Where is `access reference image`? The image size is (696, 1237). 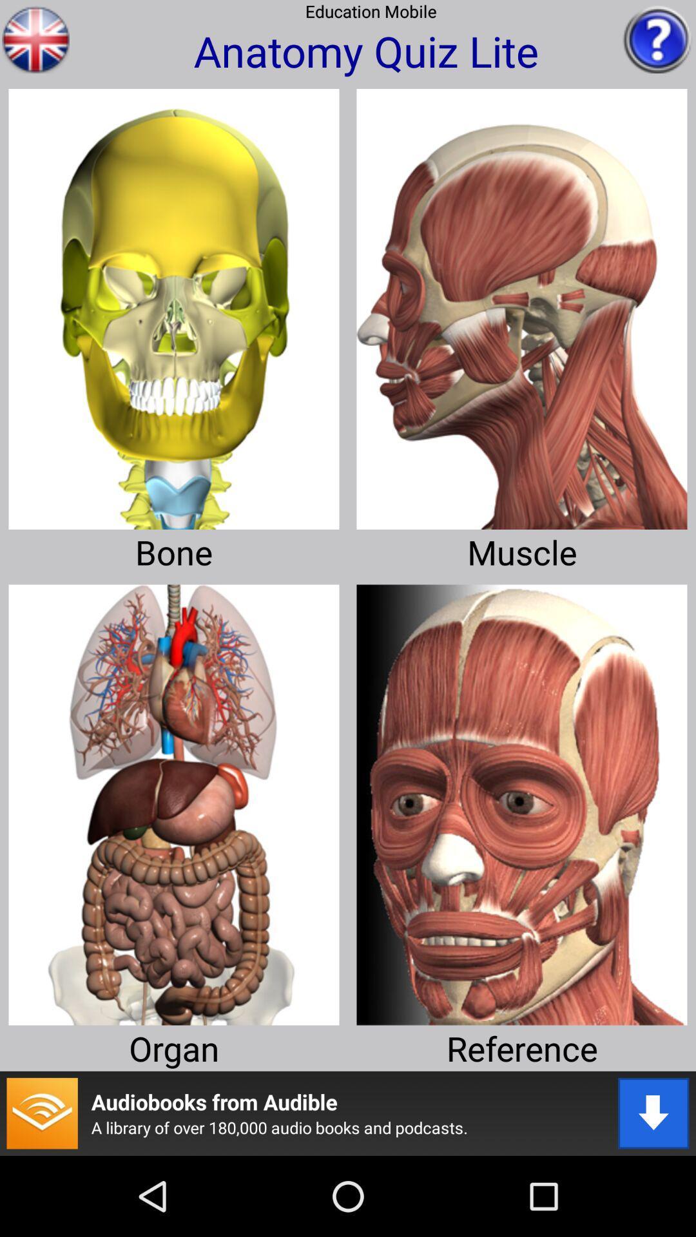 access reference image is located at coordinates (522, 800).